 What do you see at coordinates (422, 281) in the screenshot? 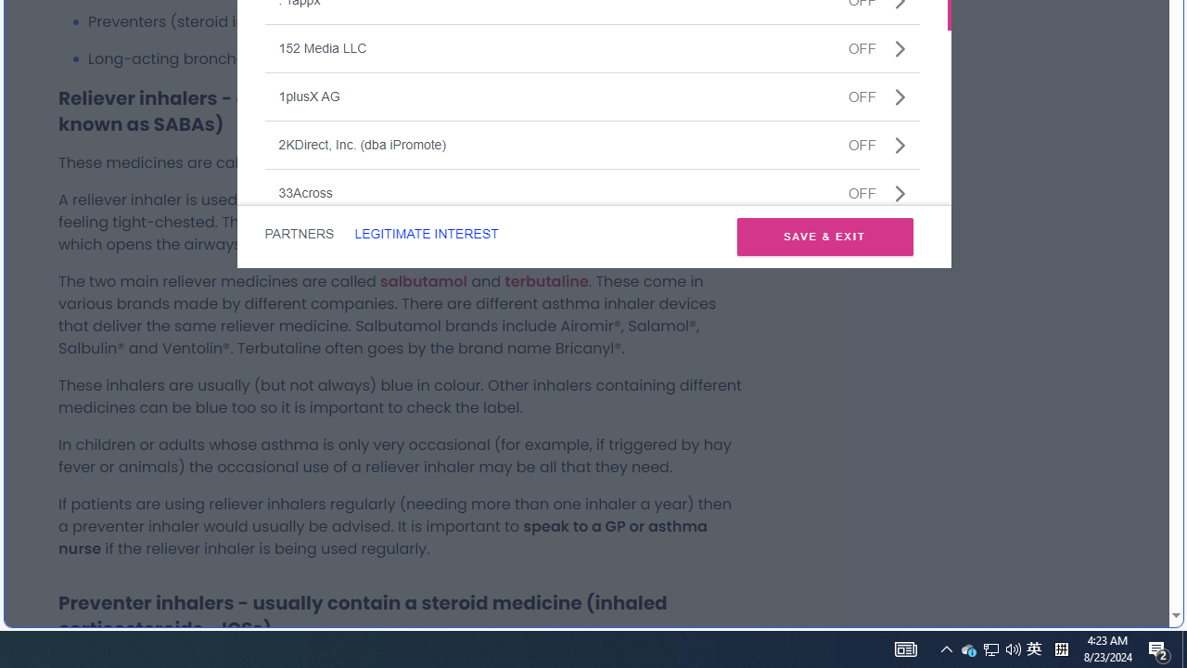
I see `'salbutamol'` at bounding box center [422, 281].